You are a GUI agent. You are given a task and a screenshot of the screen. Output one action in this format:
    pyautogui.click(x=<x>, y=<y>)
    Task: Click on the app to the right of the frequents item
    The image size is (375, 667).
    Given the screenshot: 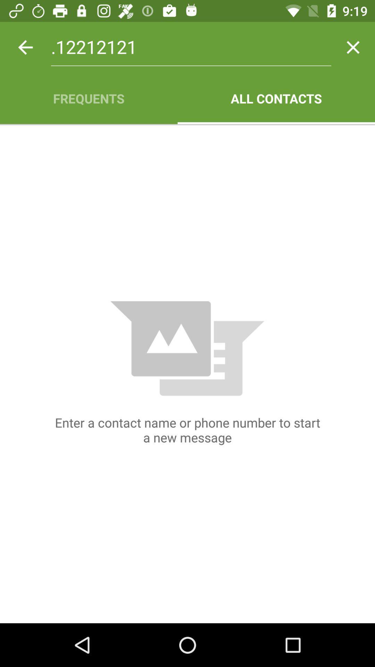 What is the action you would take?
    pyautogui.click(x=276, y=98)
    